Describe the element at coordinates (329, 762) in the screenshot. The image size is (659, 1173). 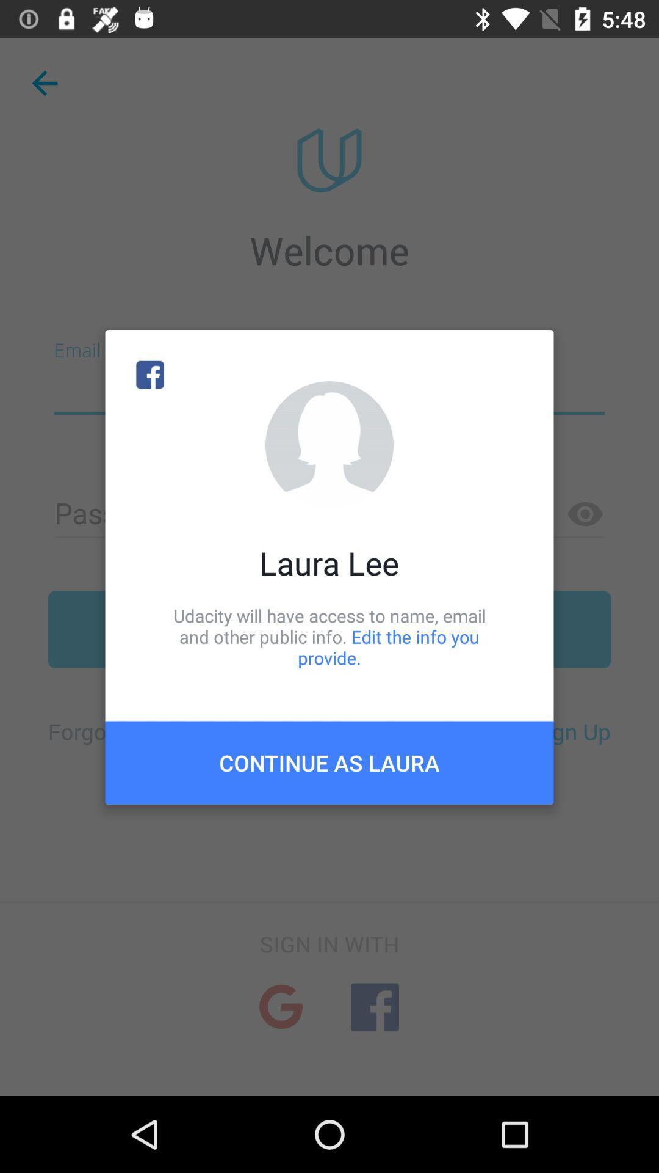
I see `the continue as laura icon` at that location.